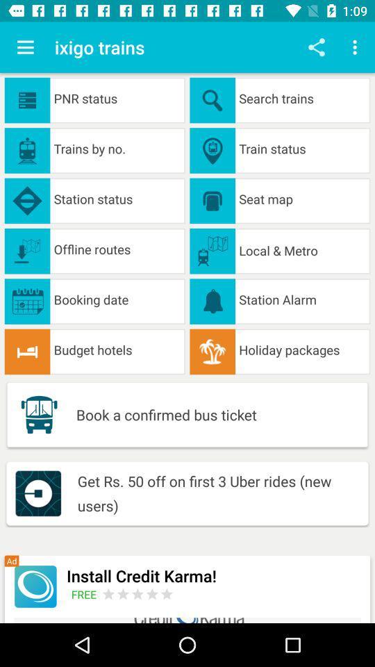 This screenshot has width=375, height=667. What do you see at coordinates (25, 47) in the screenshot?
I see `the app to the left of ixigo trains item` at bounding box center [25, 47].